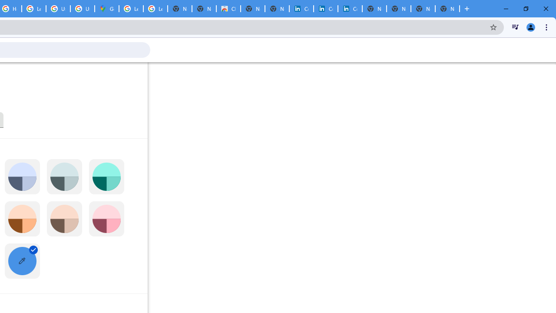 The image size is (556, 313). What do you see at coordinates (228, 9) in the screenshot?
I see `'Chrome Web Store'` at bounding box center [228, 9].